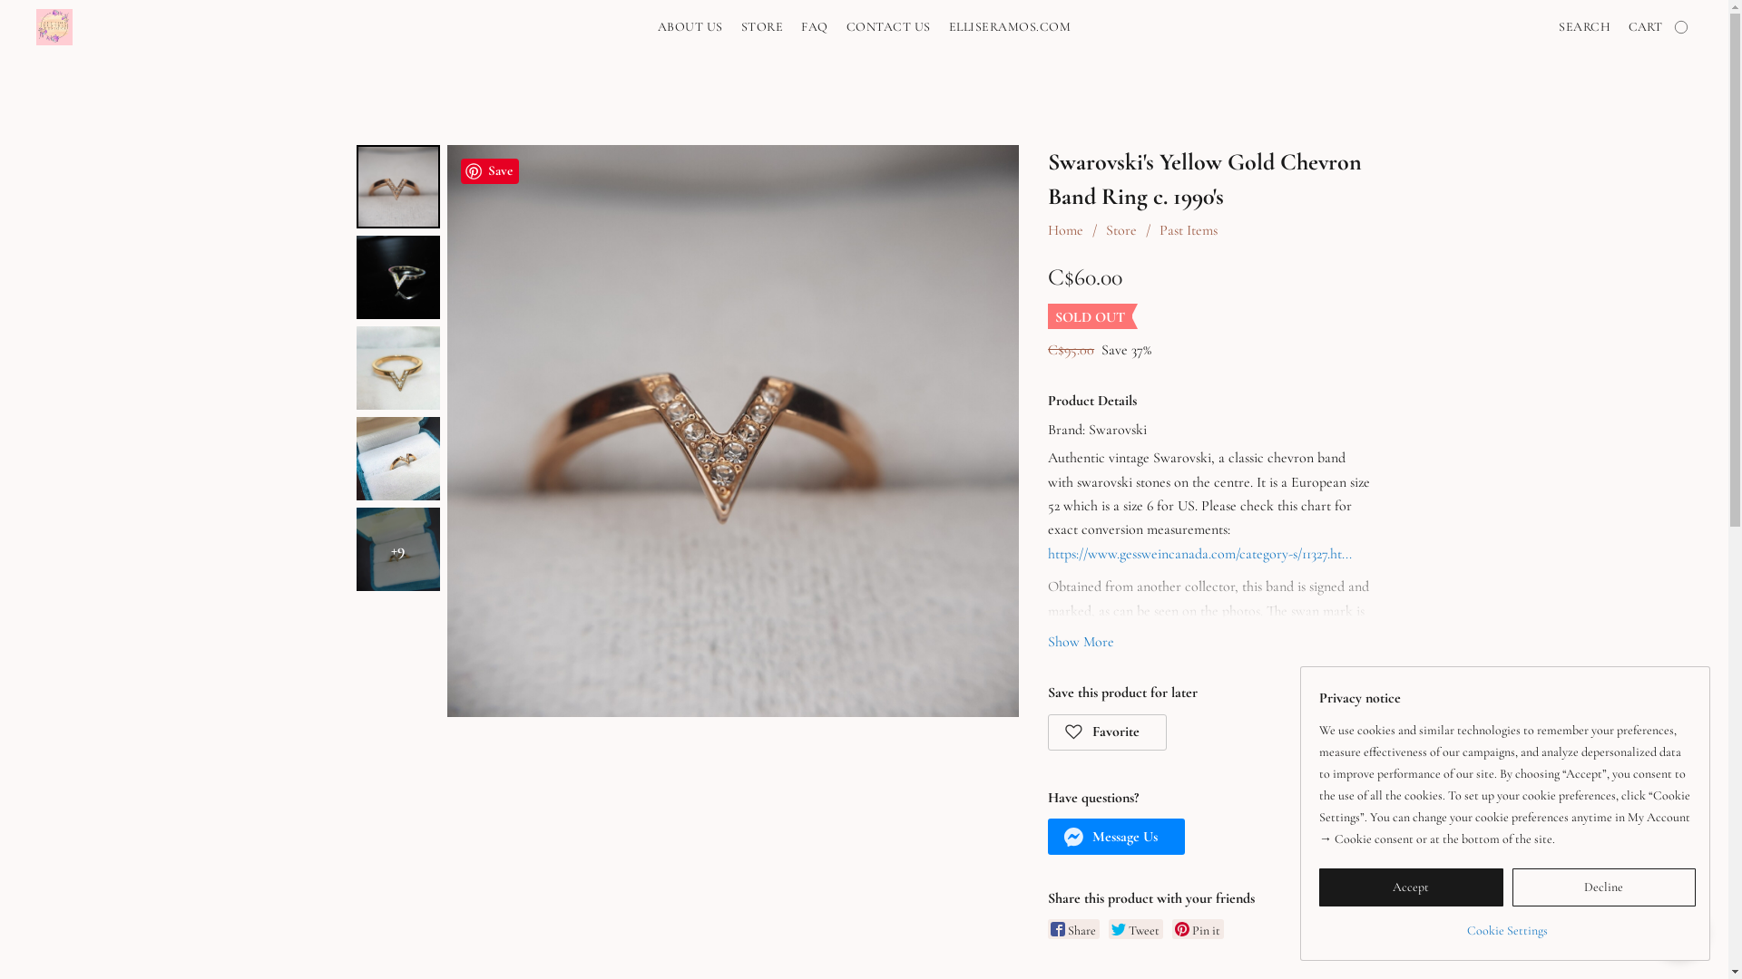 The image size is (1742, 979). Describe the element at coordinates (792, 27) in the screenshot. I see `'FAQ'` at that location.